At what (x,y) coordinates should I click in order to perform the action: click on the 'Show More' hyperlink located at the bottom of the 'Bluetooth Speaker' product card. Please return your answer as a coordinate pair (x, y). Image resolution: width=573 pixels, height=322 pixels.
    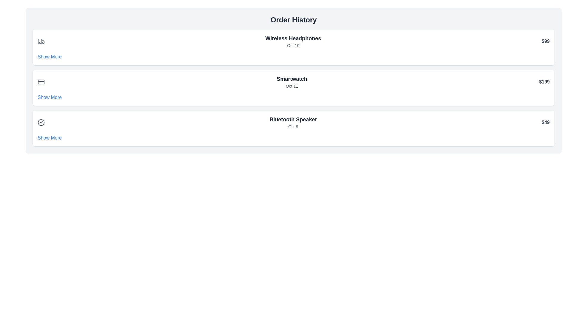
    Looking at the image, I should click on (50, 138).